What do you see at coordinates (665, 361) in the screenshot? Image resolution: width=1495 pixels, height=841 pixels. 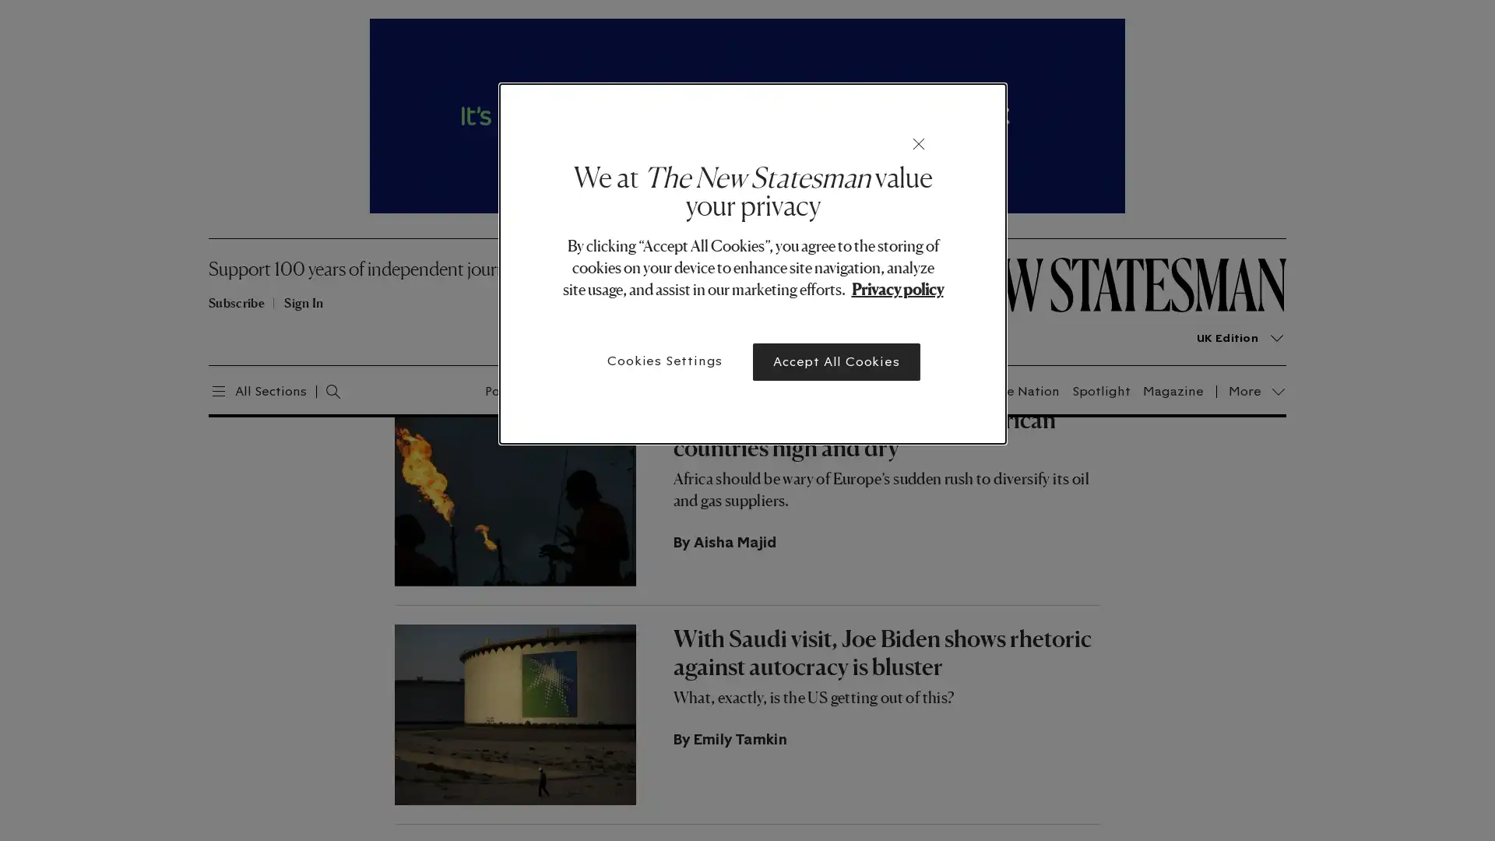 I see `Cookies Settings` at bounding box center [665, 361].